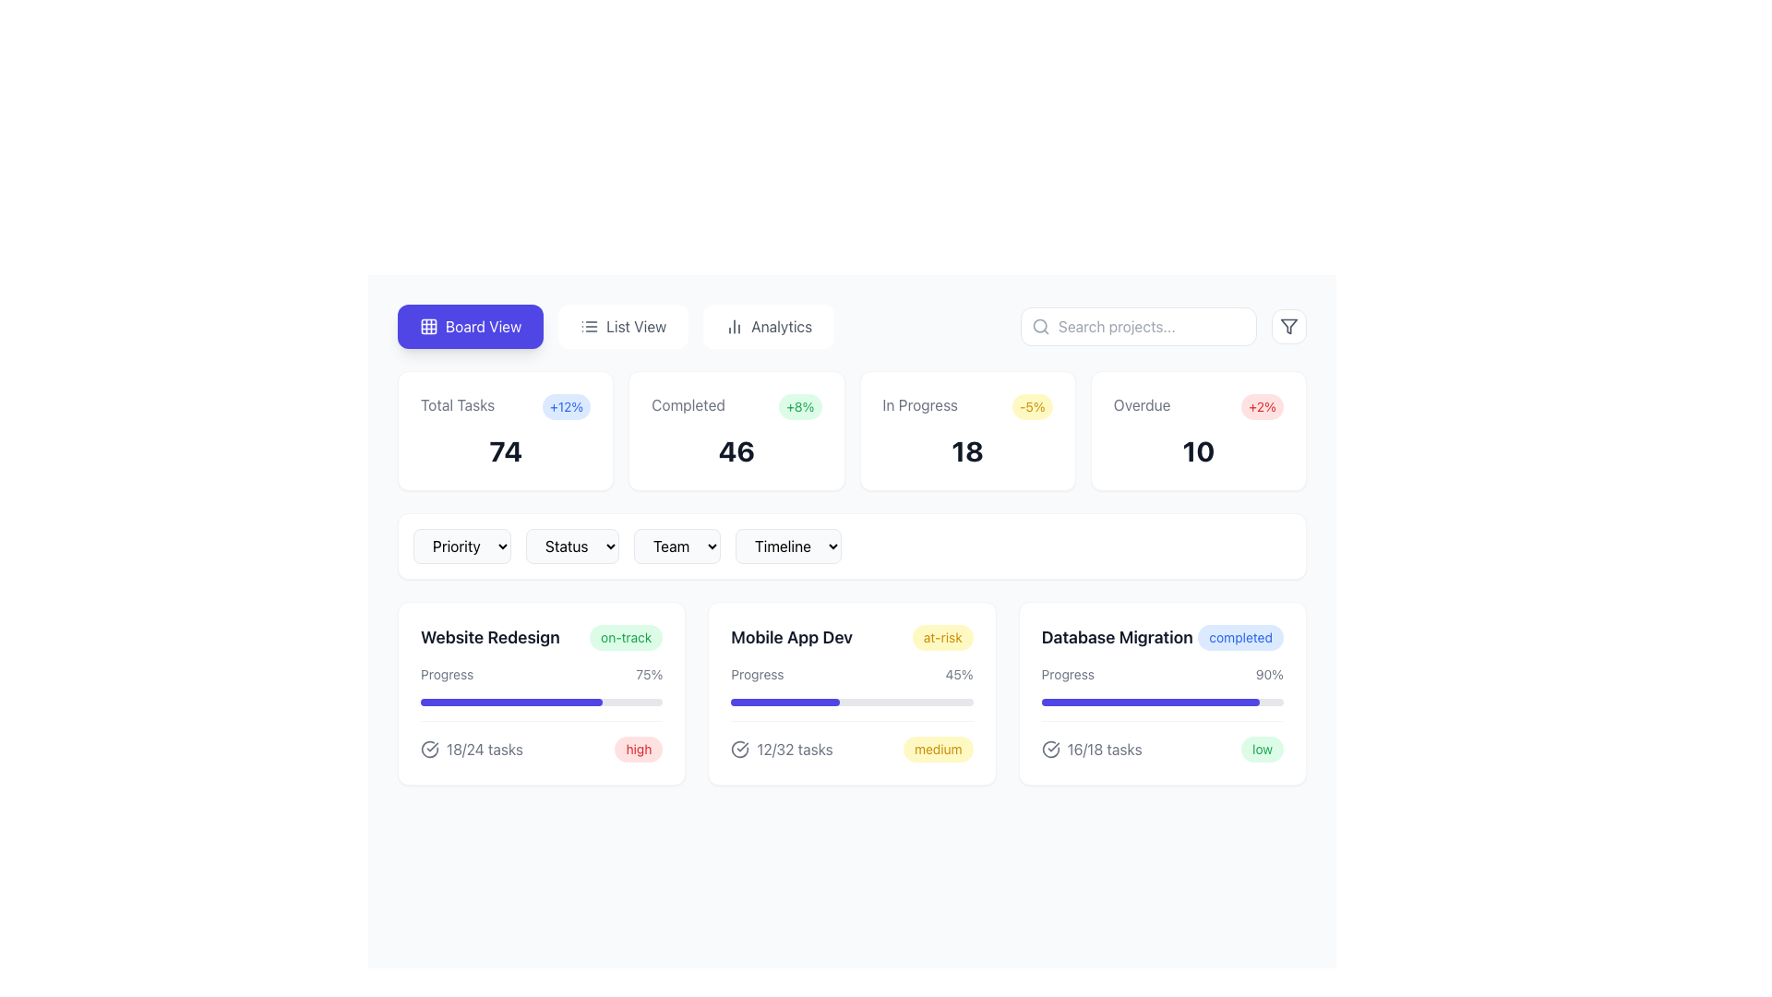 Image resolution: width=1772 pixels, height=997 pixels. I want to click on text content of the text label displaying 'Mobile App Dev', which is styled in bold and dark gray against a white background, located centrally between 'Website Redesign' and 'Database Migration', so click(792, 636).